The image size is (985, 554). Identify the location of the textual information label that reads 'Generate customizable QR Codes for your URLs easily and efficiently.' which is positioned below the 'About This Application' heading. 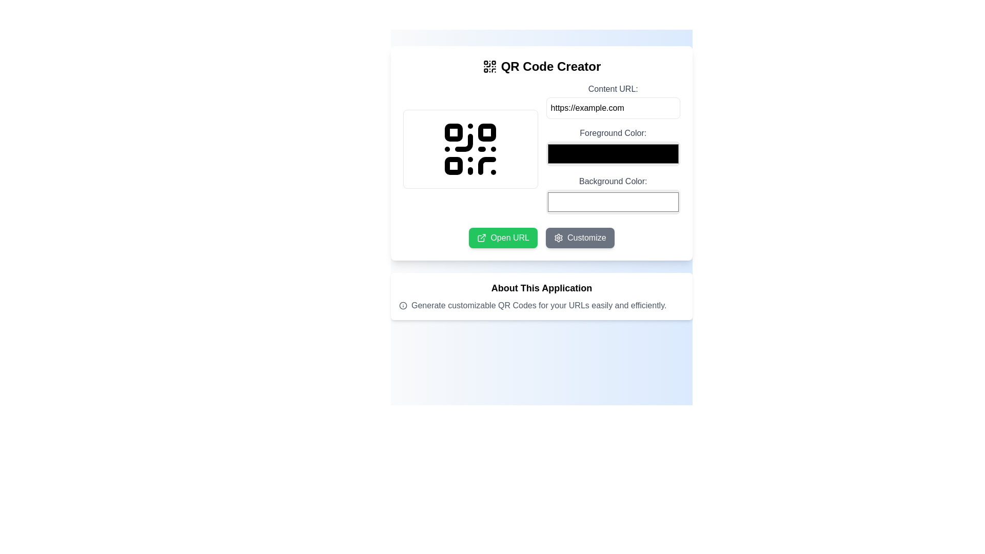
(541, 305).